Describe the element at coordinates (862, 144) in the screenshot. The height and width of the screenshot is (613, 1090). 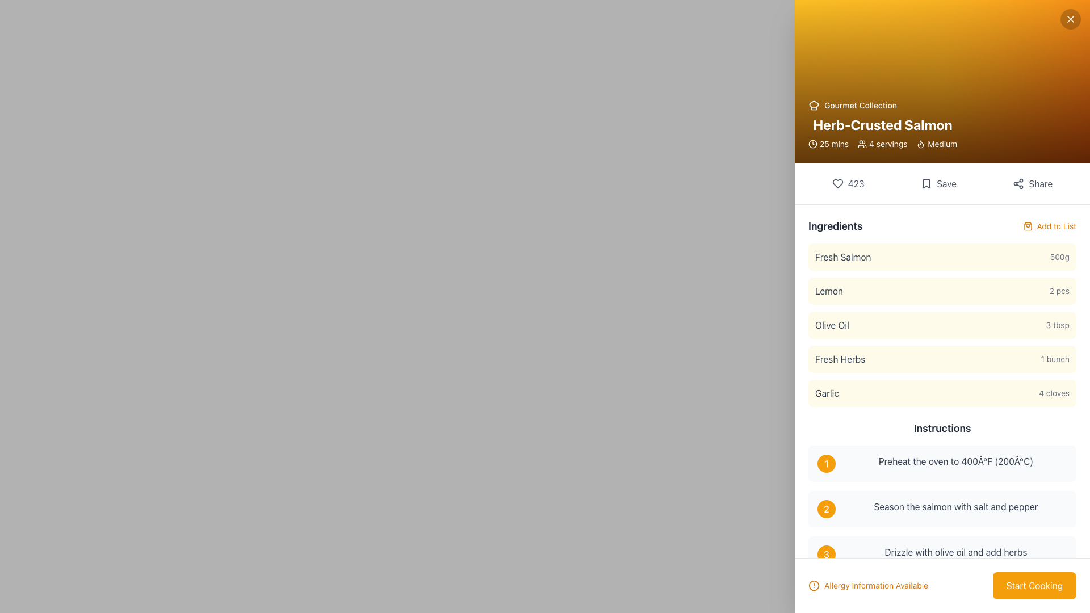
I see `the servings indicator icon located to the left of the '4 servings' text in the header section of the interface` at that location.